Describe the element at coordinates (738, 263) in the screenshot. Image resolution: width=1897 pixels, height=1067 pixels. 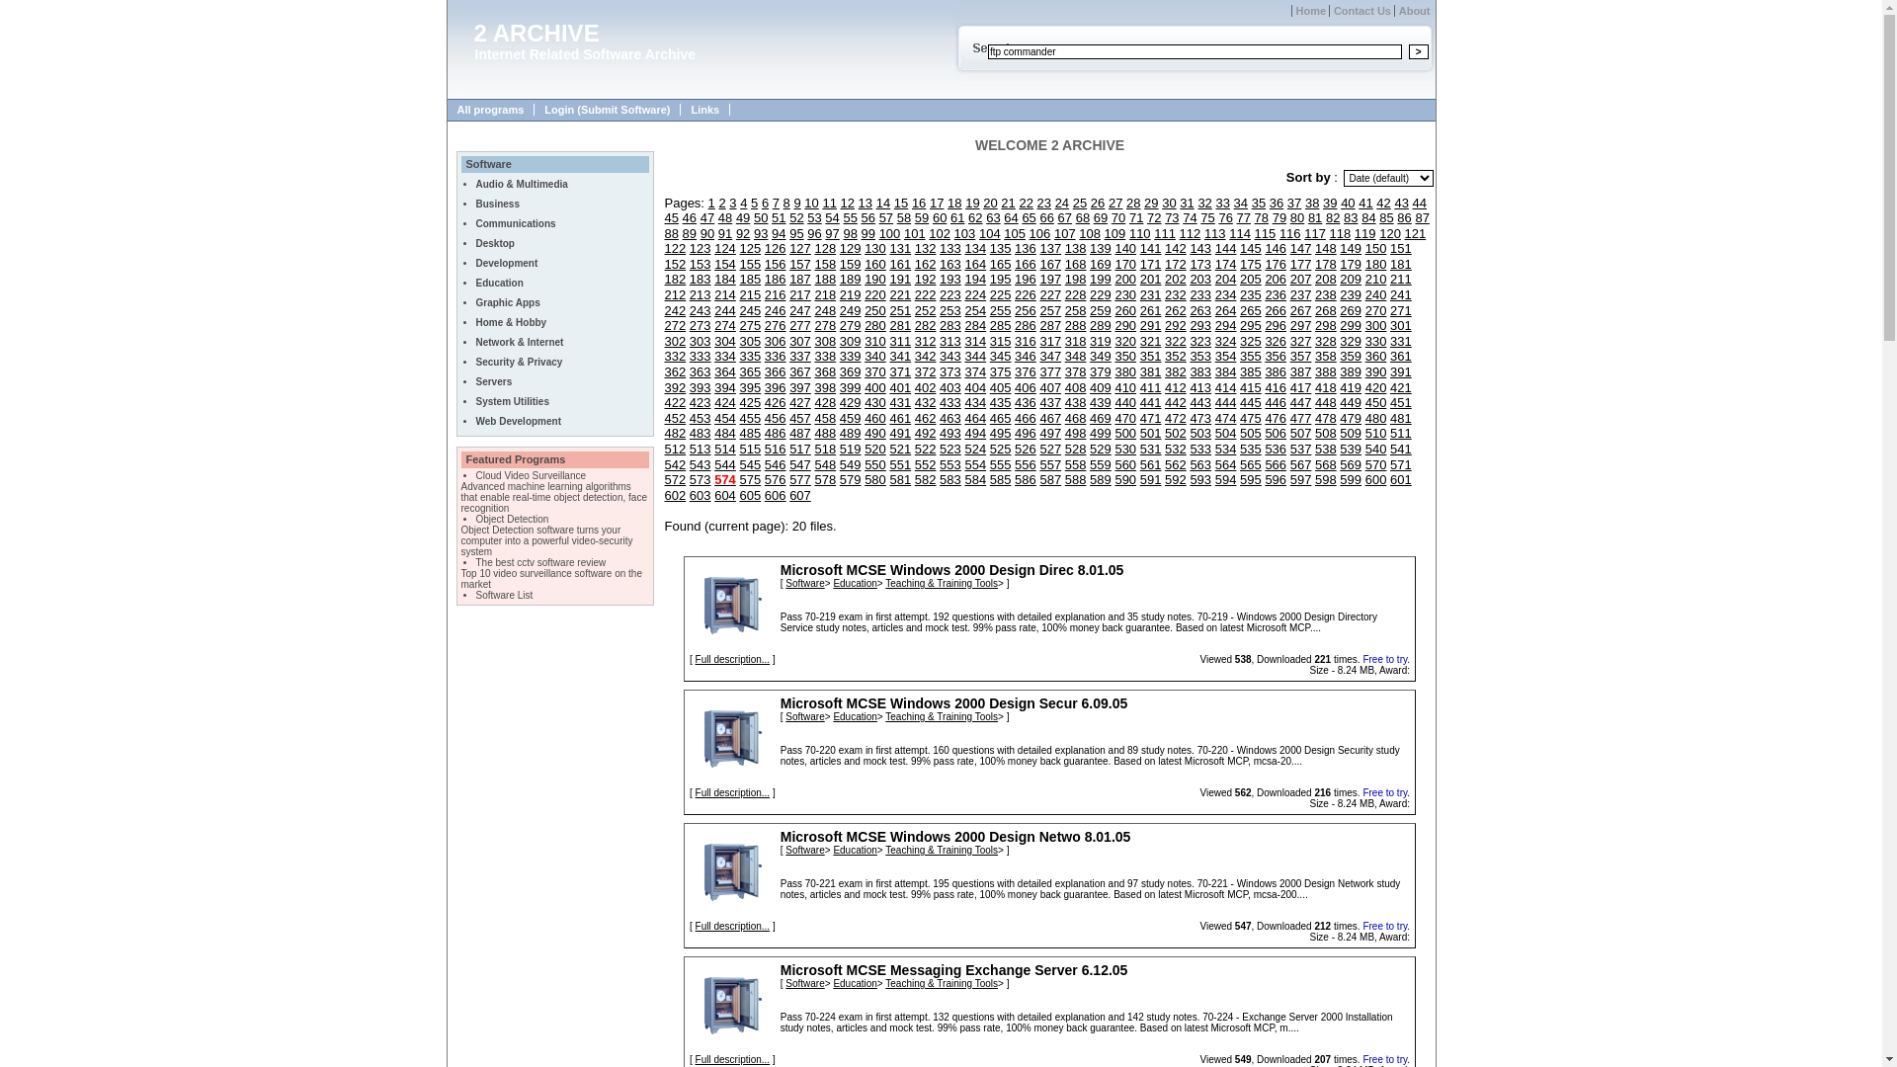
I see `'155'` at that location.